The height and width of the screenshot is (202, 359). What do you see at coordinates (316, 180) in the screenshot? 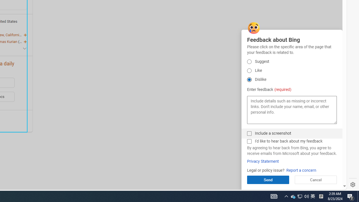
I see `'Cancel'` at bounding box center [316, 180].